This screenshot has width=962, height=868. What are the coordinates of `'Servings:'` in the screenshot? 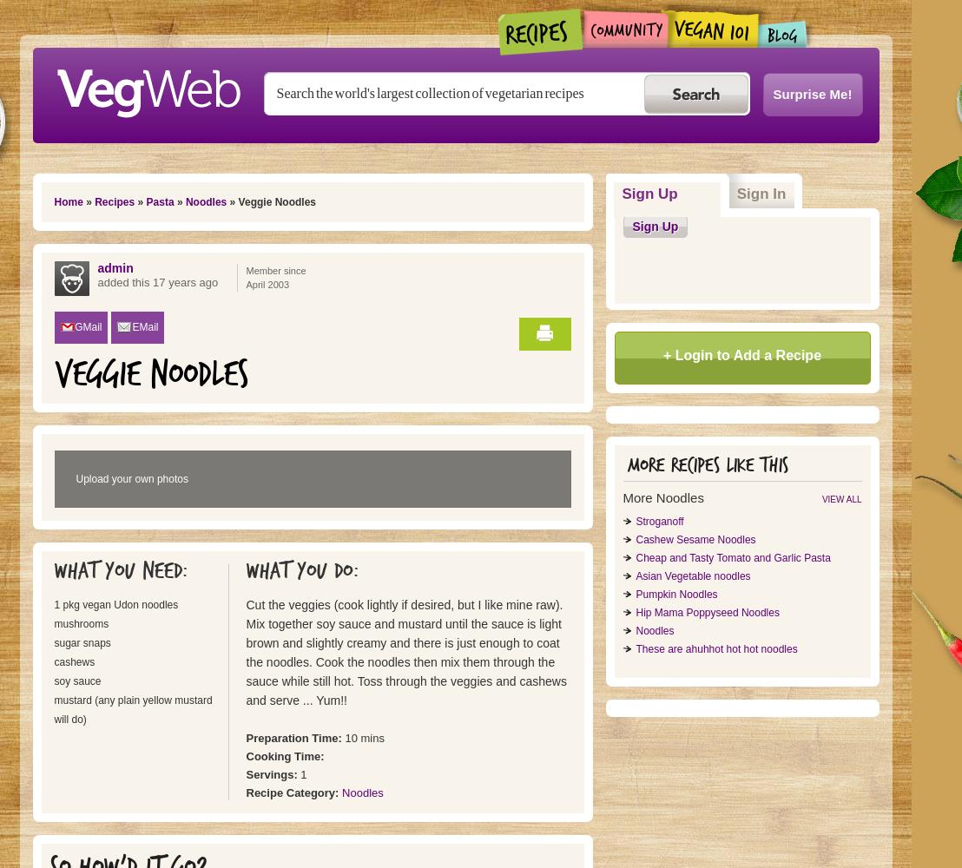 It's located at (273, 774).